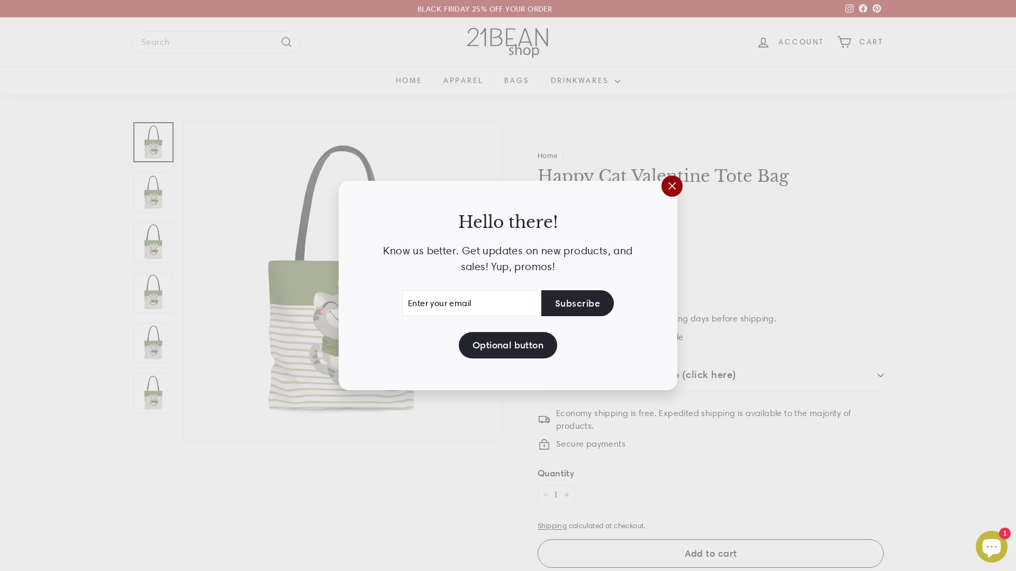  I want to click on 'Shipping', so click(551, 526).